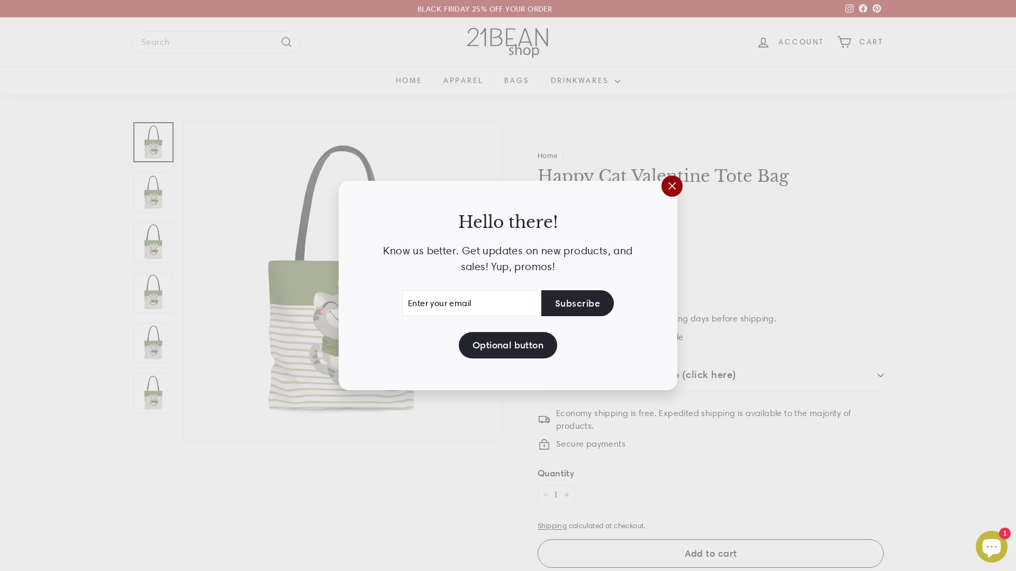  I want to click on 'Shipping', so click(551, 526).